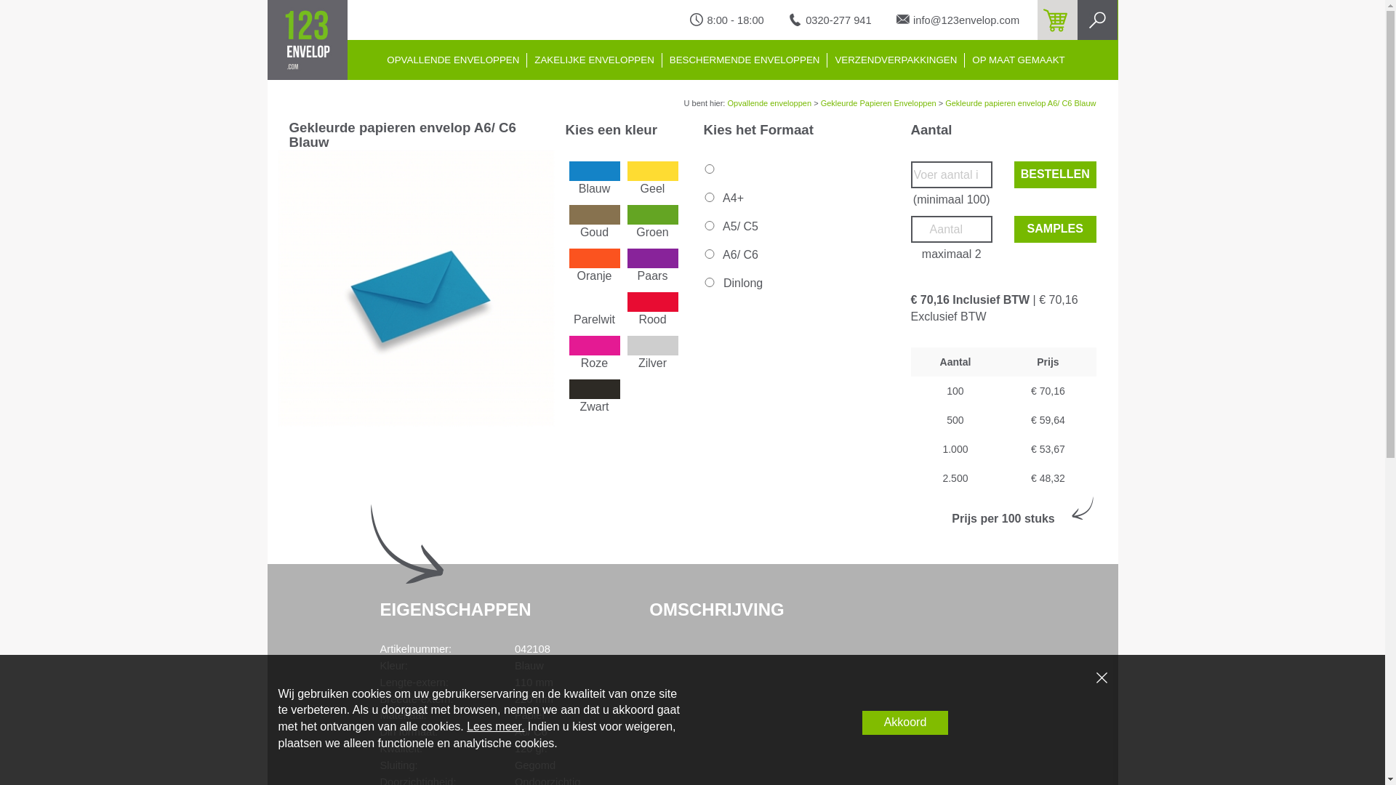 The width and height of the screenshot is (1396, 785). Describe the element at coordinates (495, 726) in the screenshot. I see `'Lees meer.'` at that location.